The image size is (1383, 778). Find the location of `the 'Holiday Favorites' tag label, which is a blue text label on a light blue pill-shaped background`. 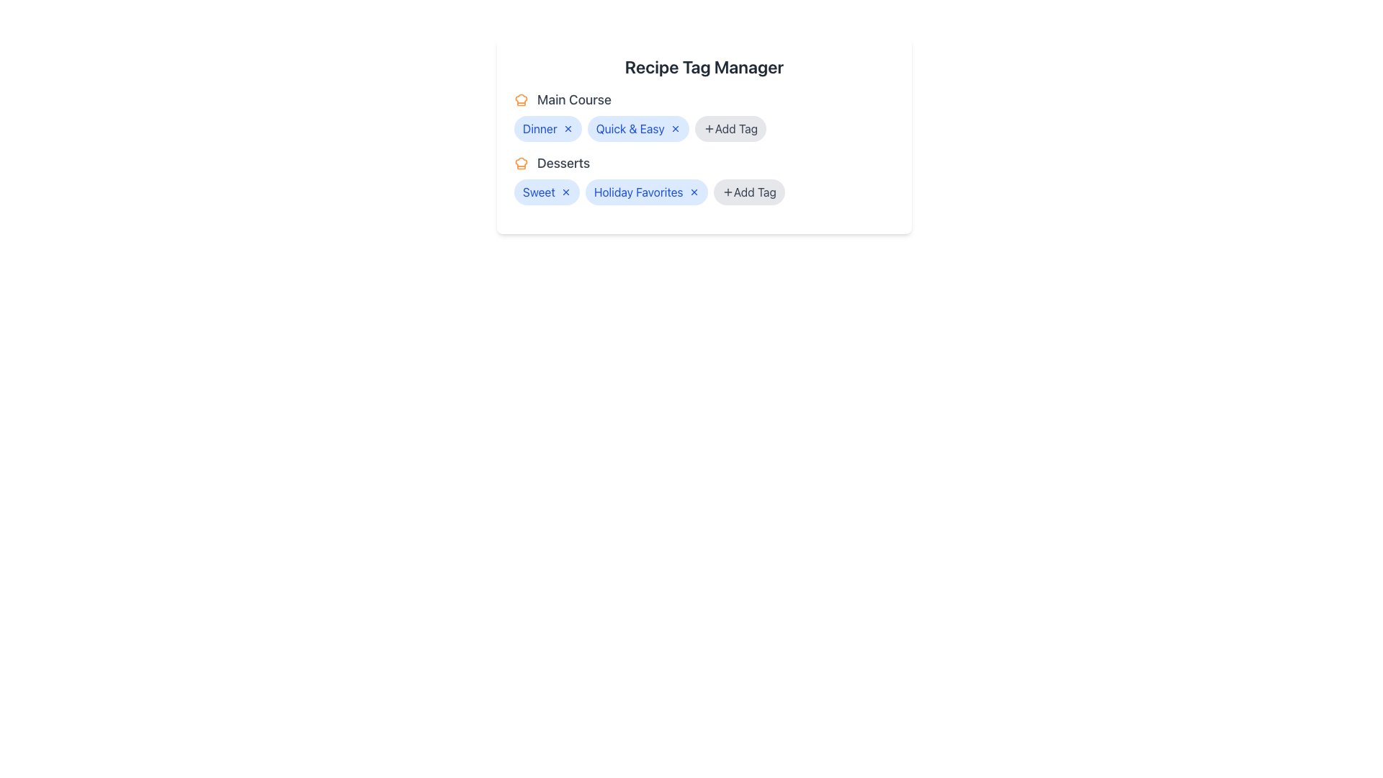

the 'Holiday Favorites' tag label, which is a blue text label on a light blue pill-shaped background is located at coordinates (637, 191).